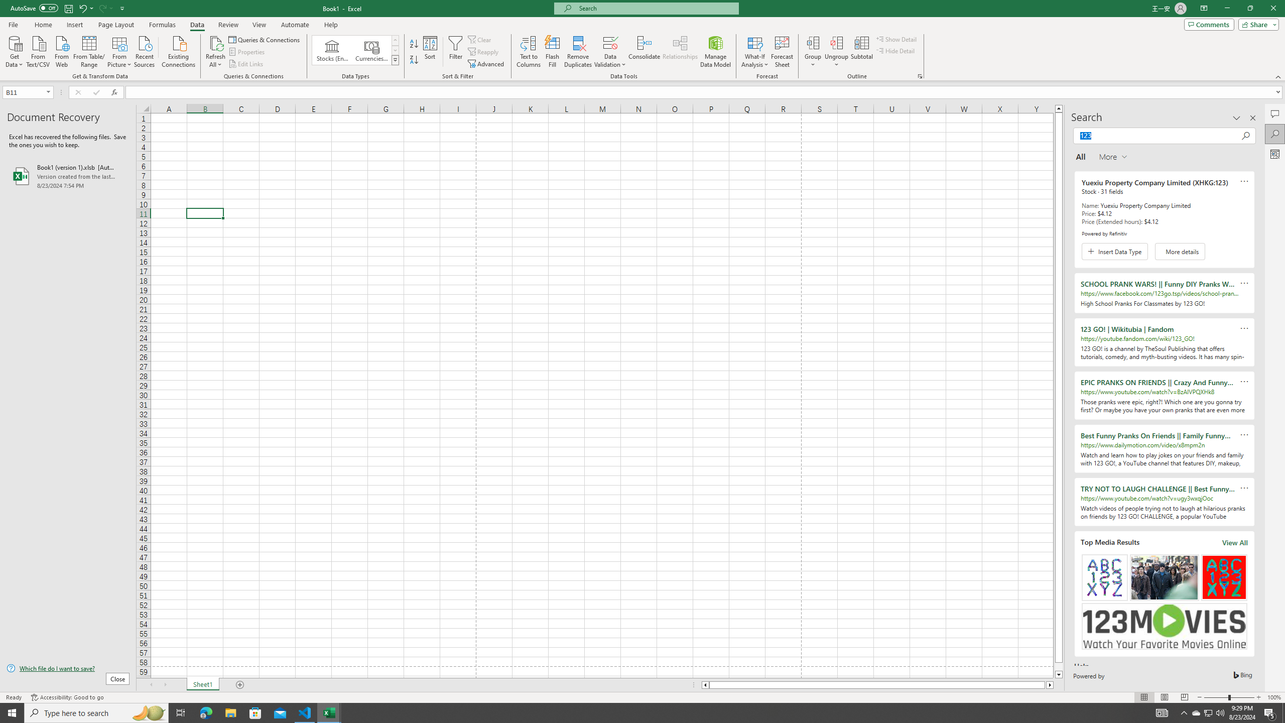 Image resolution: width=1285 pixels, height=723 pixels. I want to click on 'Close', so click(1272, 8).